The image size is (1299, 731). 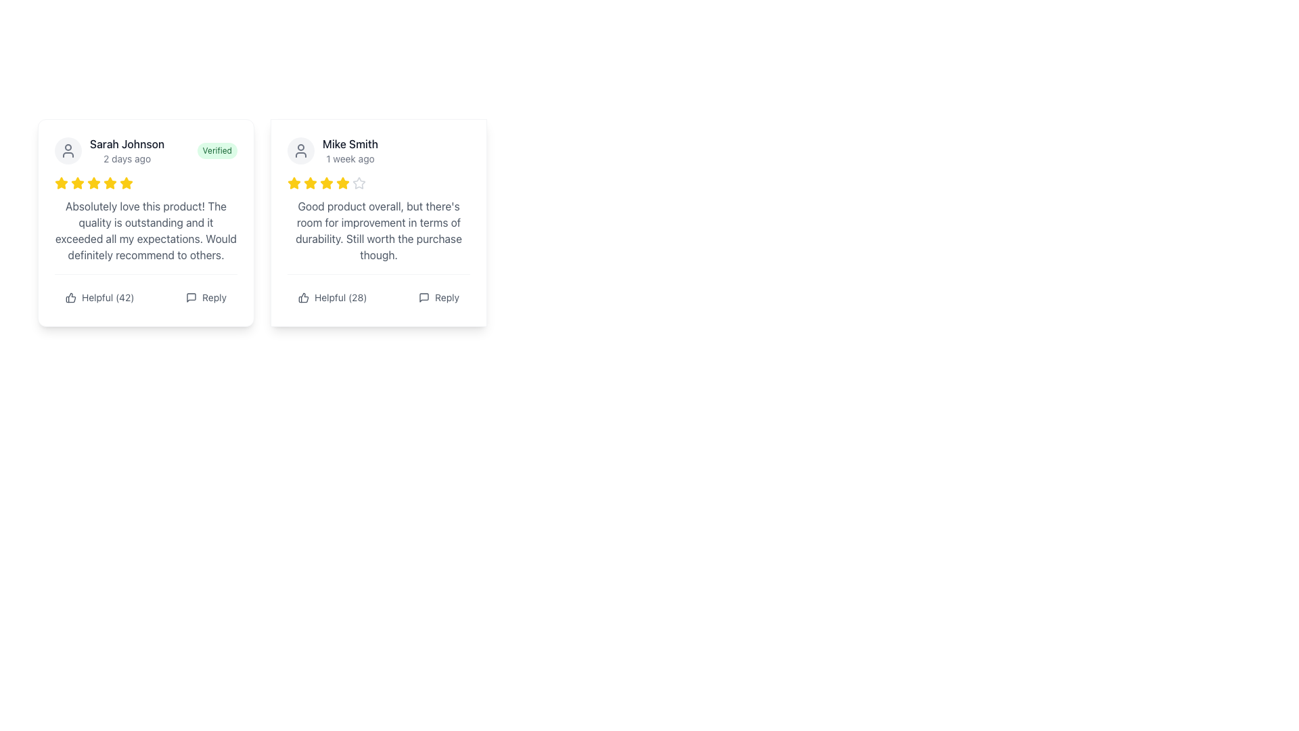 What do you see at coordinates (61, 183) in the screenshot?
I see `the third star icon in the five-star rating system located directly under the username 'Sarah Johnson'` at bounding box center [61, 183].